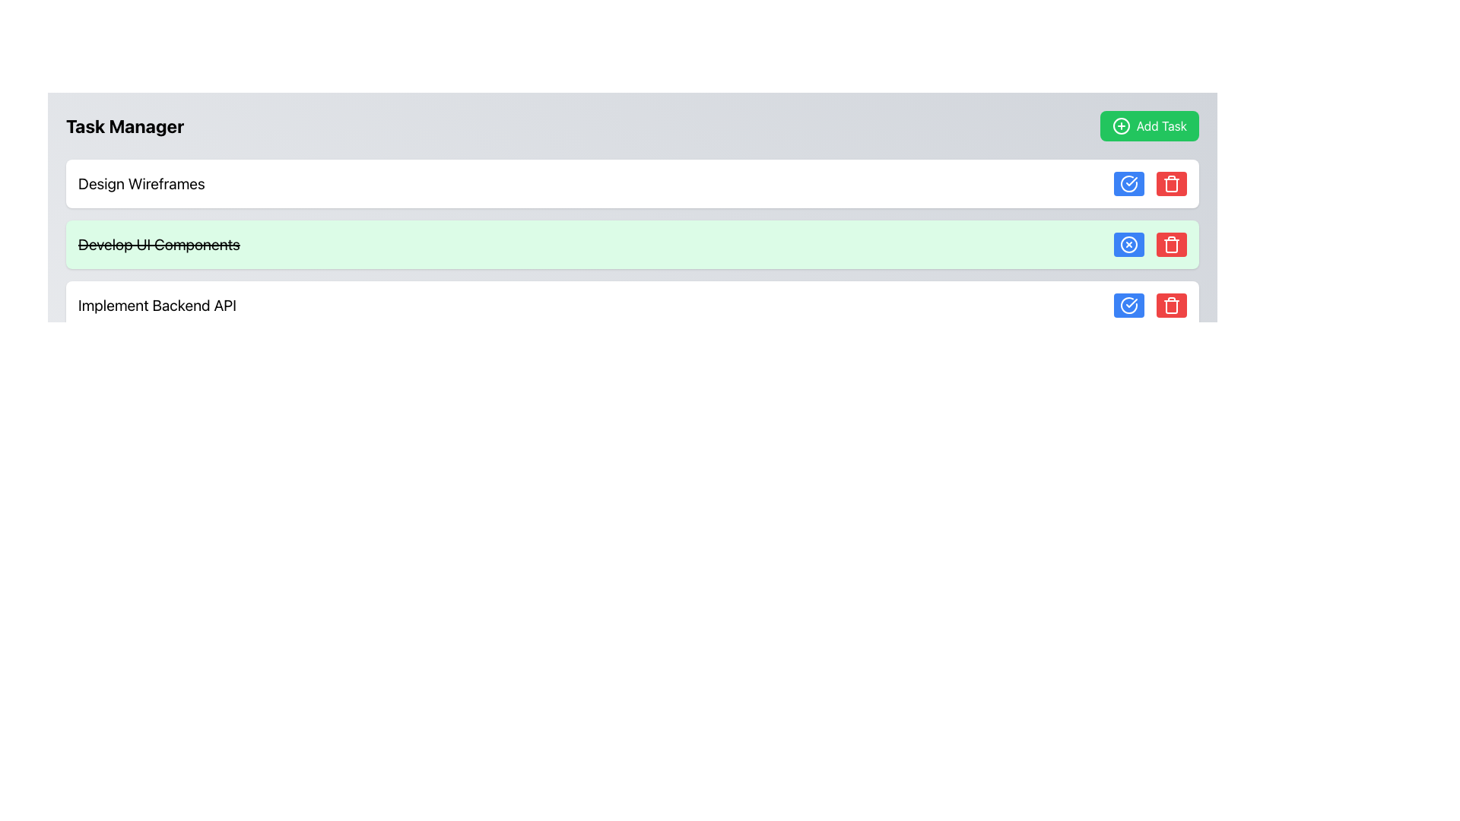  Describe the element at coordinates (1128, 305) in the screenshot. I see `the first button next to the task labeled 'Develop UI Components'` at that location.